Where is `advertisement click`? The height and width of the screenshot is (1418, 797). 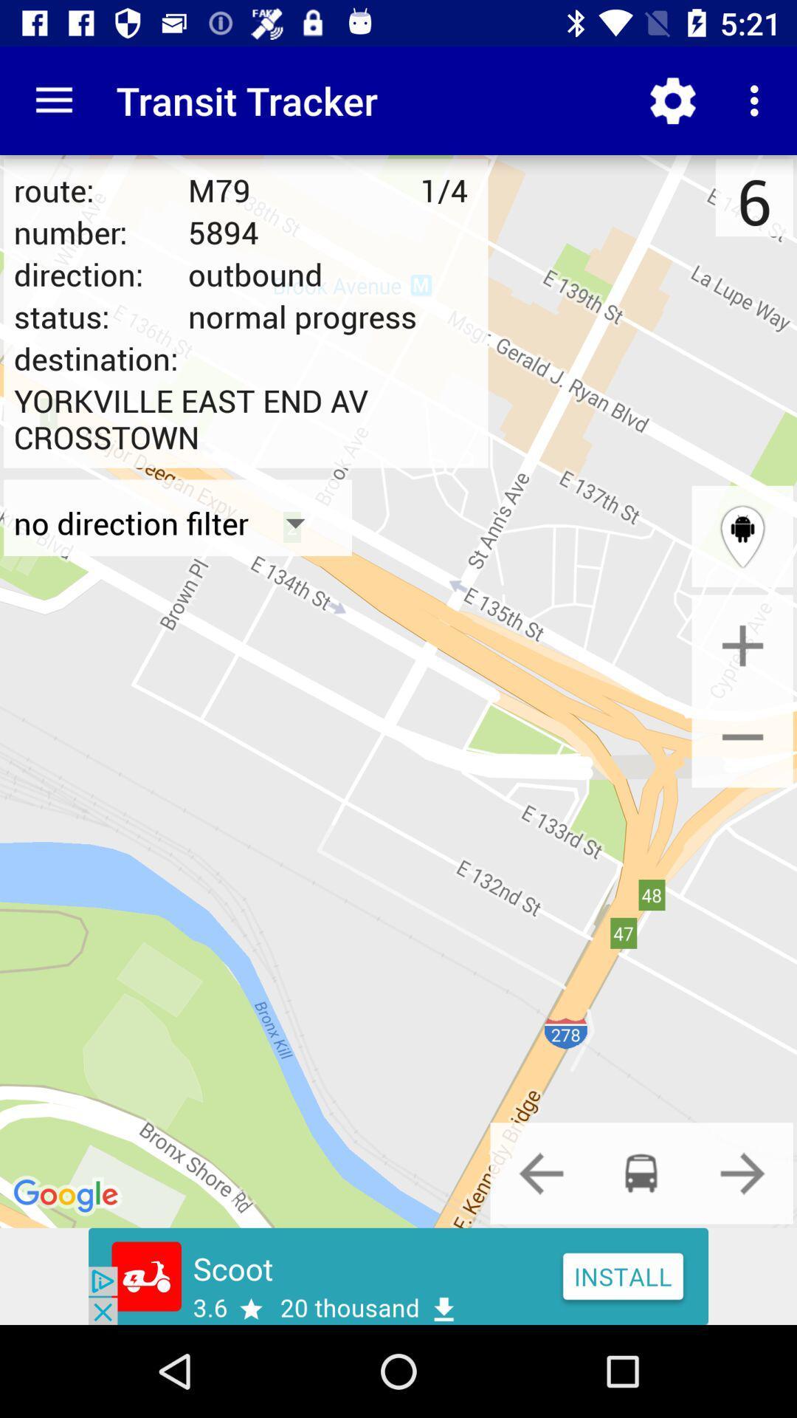
advertisement click is located at coordinates (398, 1275).